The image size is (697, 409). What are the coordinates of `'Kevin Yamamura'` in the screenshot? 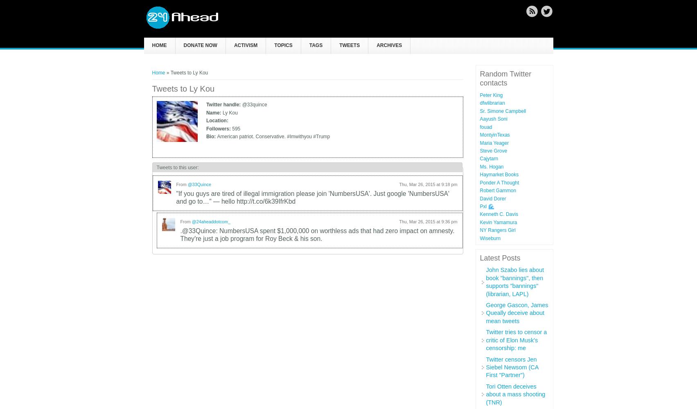 It's located at (498, 222).